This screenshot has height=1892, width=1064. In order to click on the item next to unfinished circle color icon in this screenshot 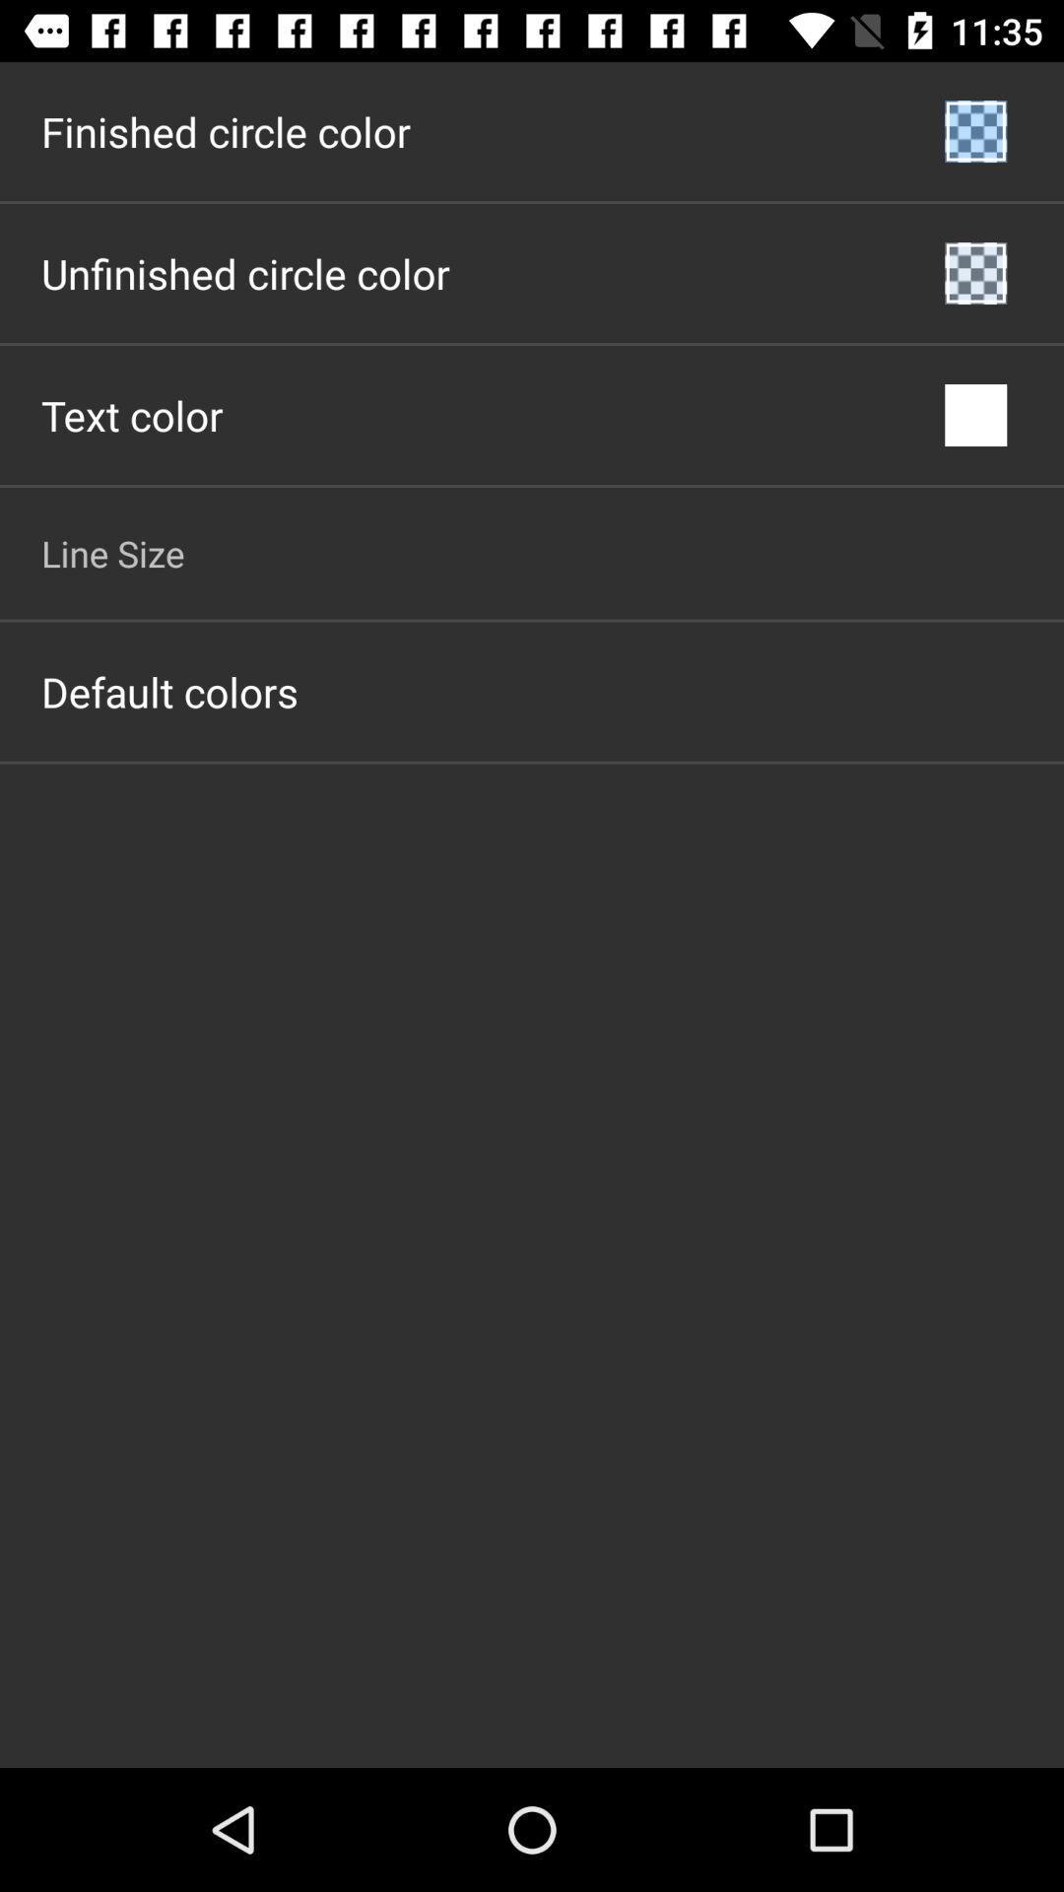, I will do `click(975, 272)`.